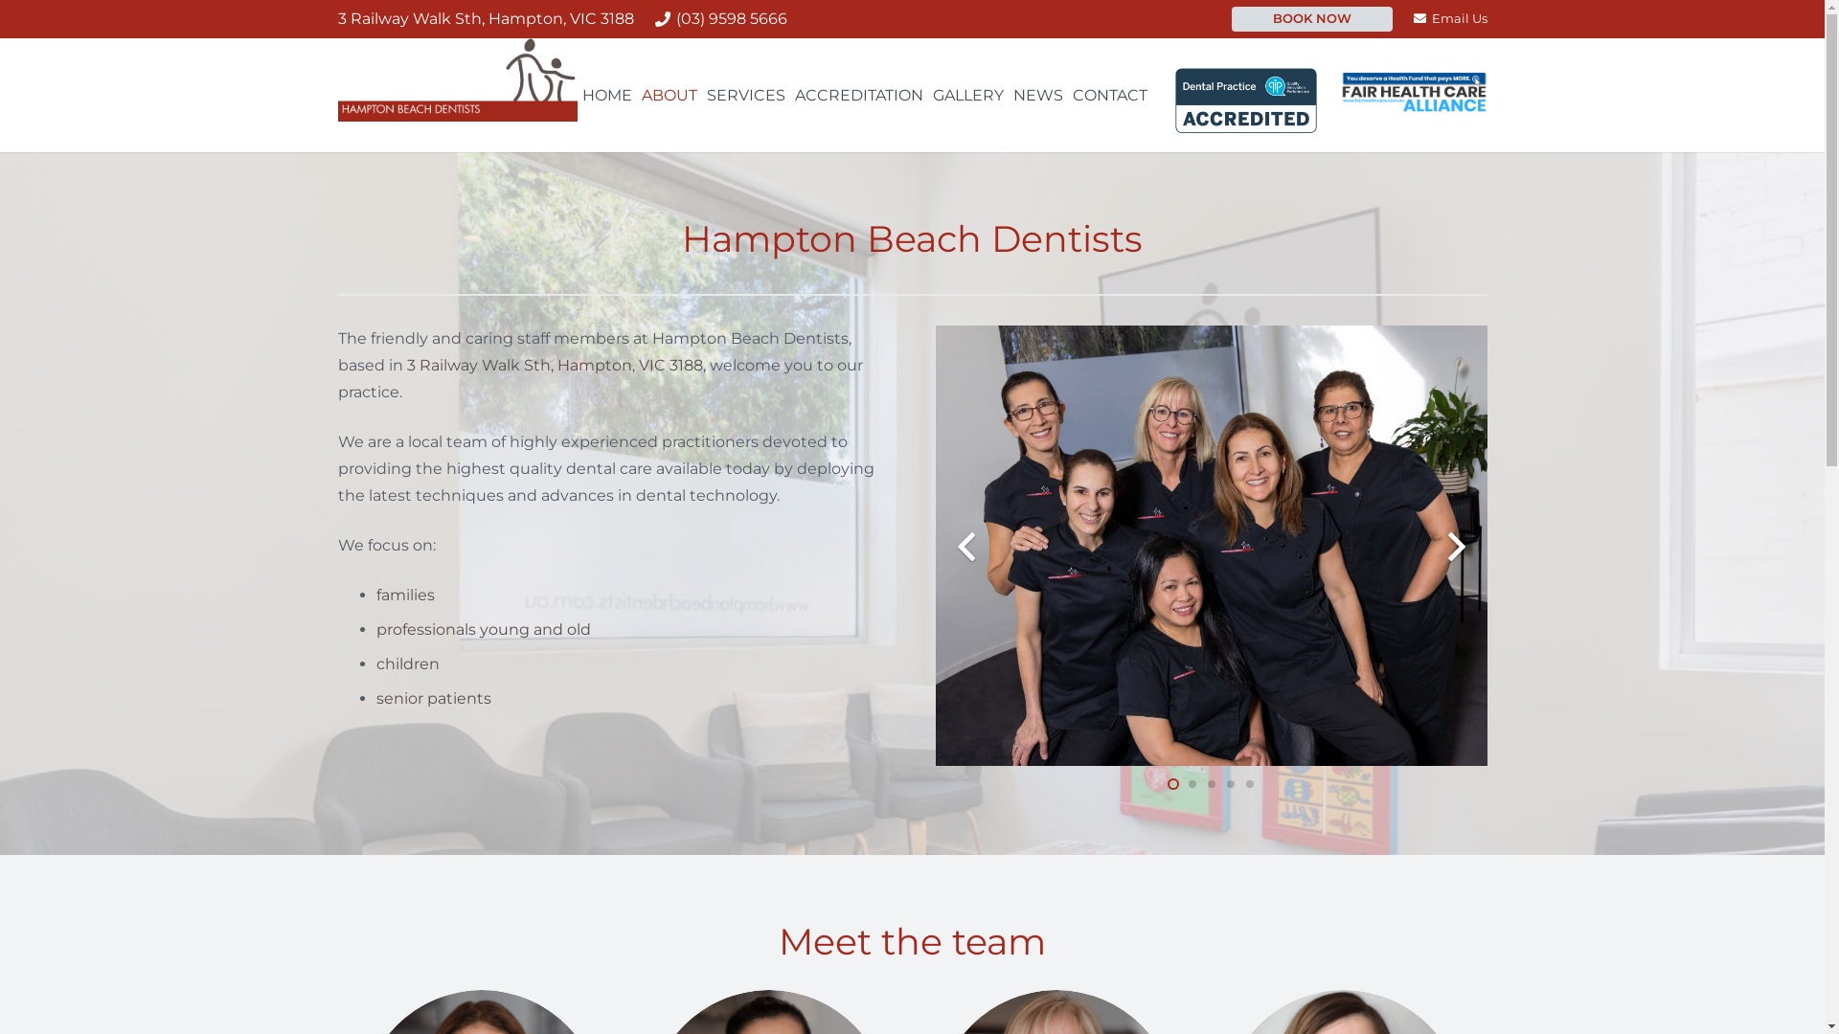 The width and height of the screenshot is (1839, 1034). What do you see at coordinates (1449, 18) in the screenshot?
I see `'Email Us'` at bounding box center [1449, 18].